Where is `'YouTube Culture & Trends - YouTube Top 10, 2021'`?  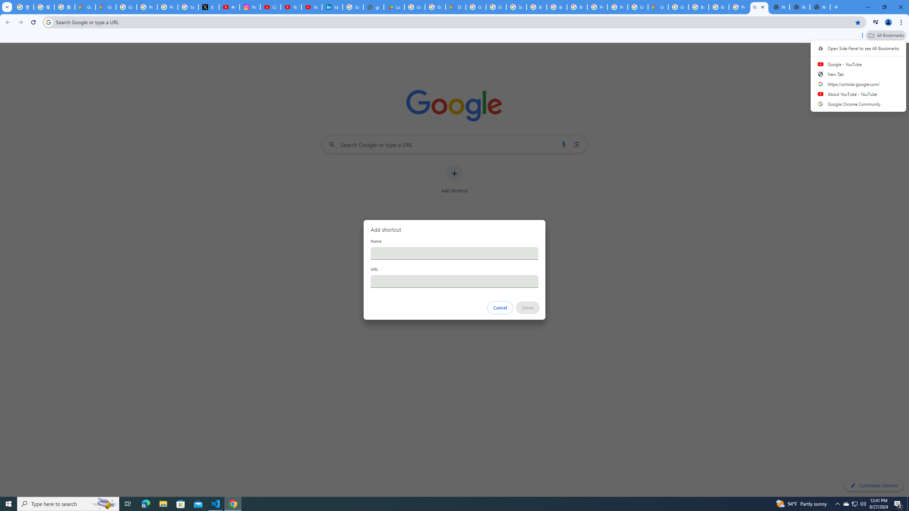 'YouTube Culture & Trends - YouTube Top 10, 2021' is located at coordinates (311, 7).